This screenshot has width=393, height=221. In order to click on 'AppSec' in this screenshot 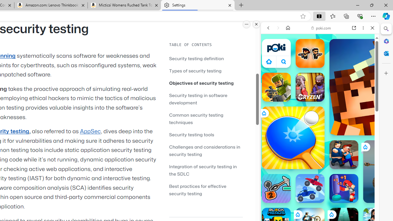, I will do `click(90, 131)`.